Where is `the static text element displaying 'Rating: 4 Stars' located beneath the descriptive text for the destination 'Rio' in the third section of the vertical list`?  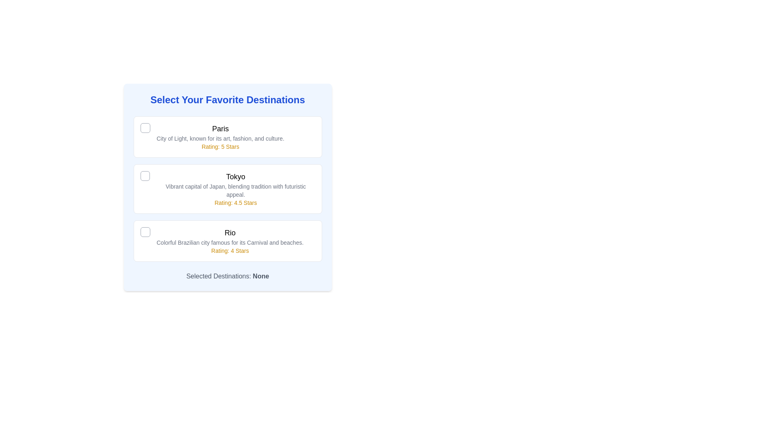
the static text element displaying 'Rating: 4 Stars' located beneath the descriptive text for the destination 'Rio' in the third section of the vertical list is located at coordinates (230, 250).